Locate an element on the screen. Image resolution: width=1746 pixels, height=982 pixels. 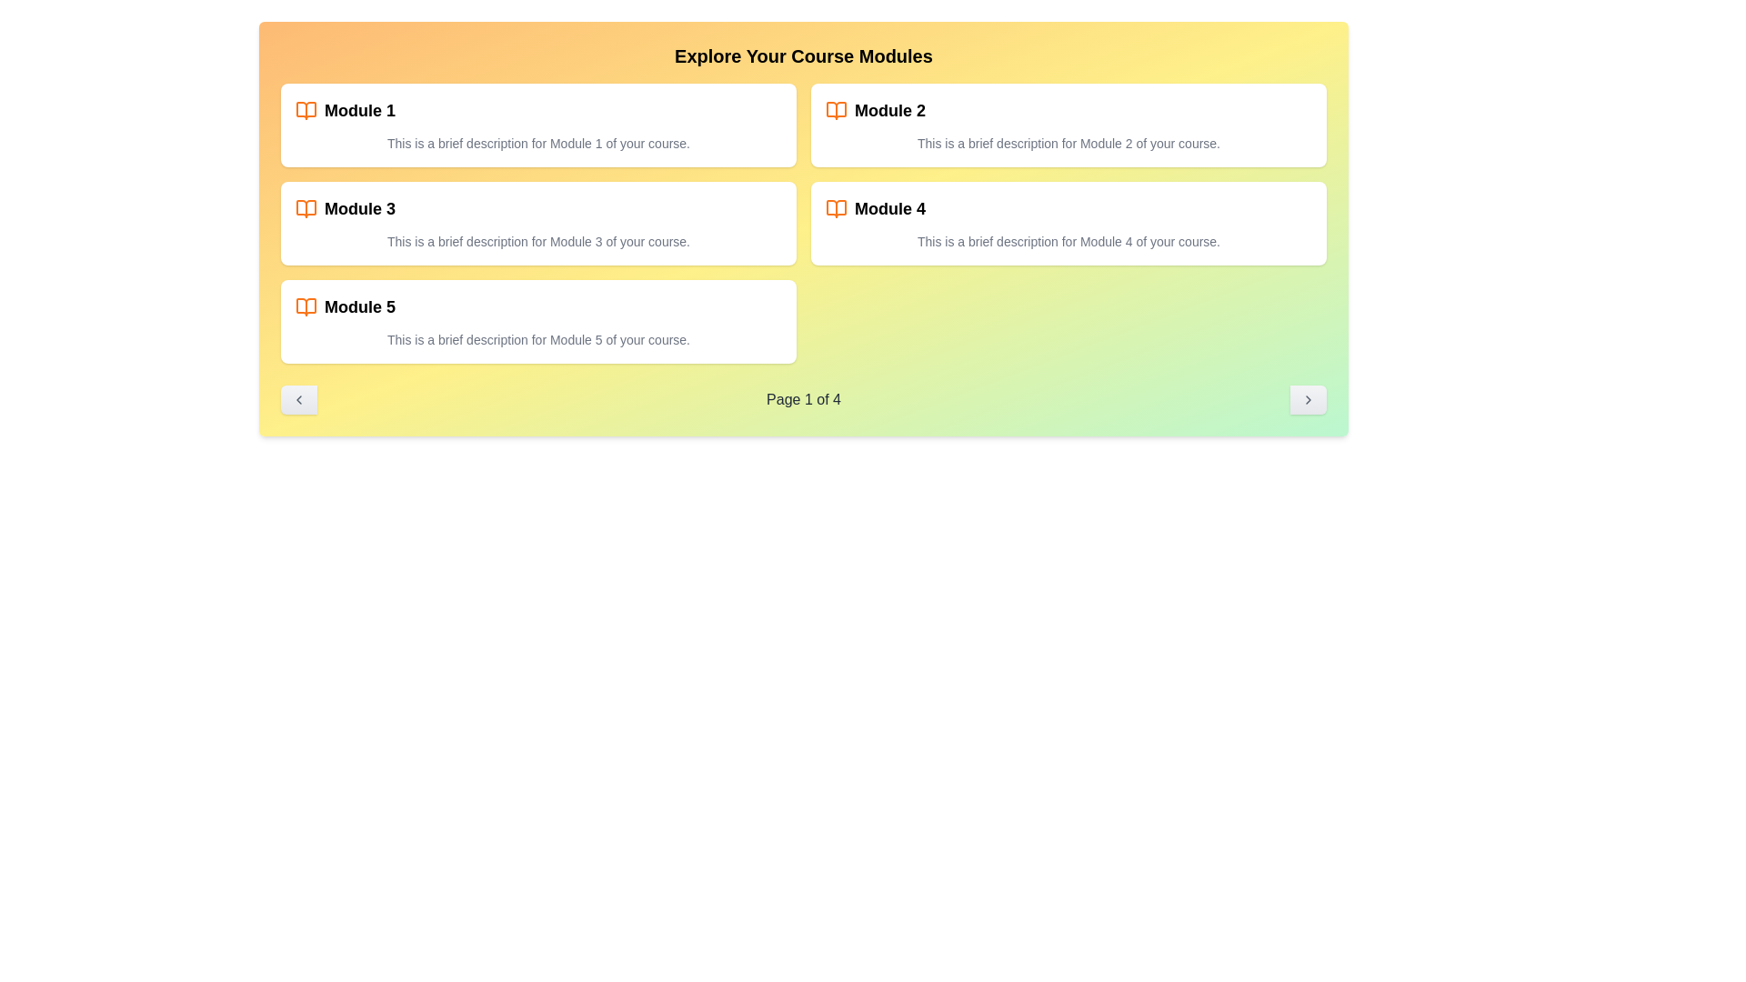
the text label displaying 'Module 5', which is bold and larger-sized, indicating its significance as a title in the bottom-left quadrant of the interface is located at coordinates (360, 306).